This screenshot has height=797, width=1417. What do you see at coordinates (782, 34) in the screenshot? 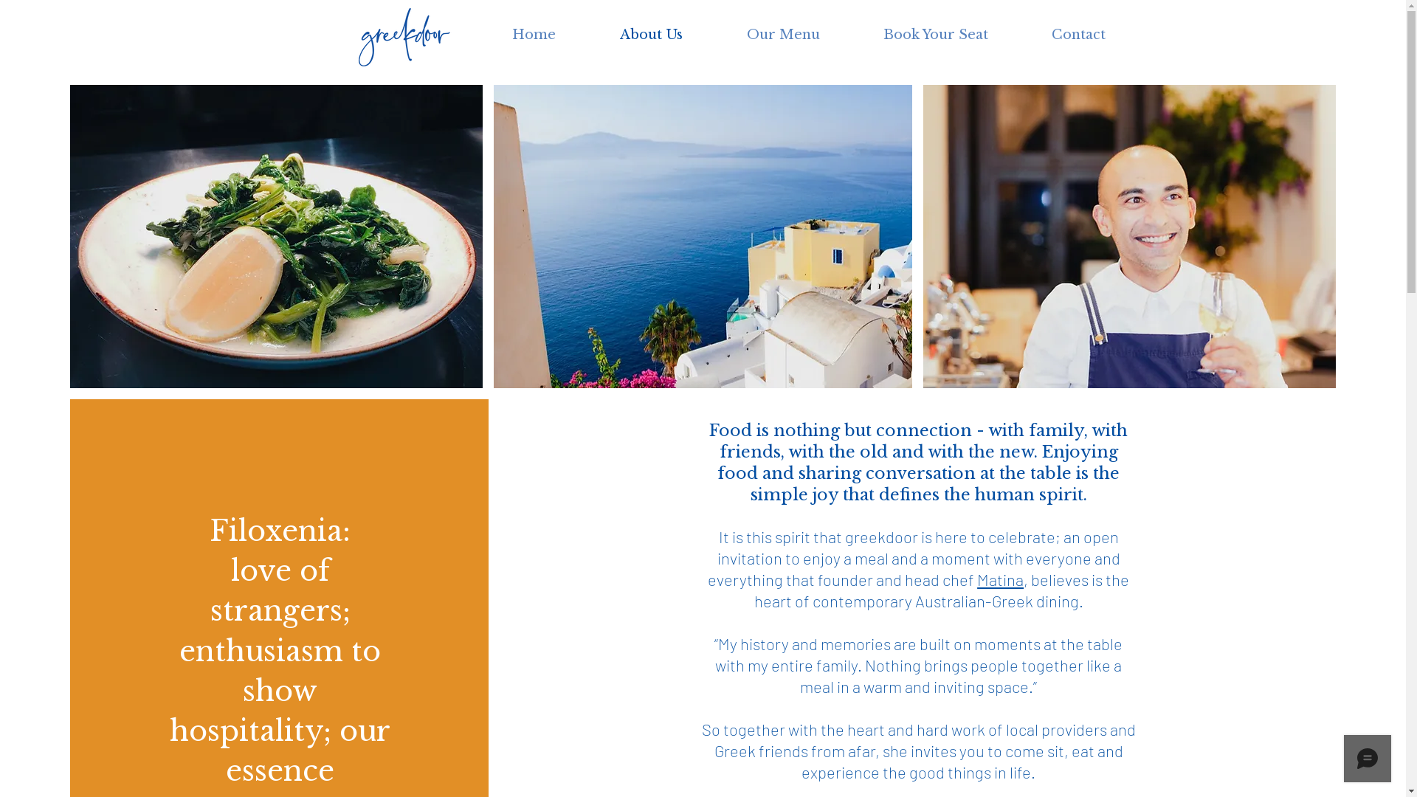
I see `'Our Menu'` at bounding box center [782, 34].